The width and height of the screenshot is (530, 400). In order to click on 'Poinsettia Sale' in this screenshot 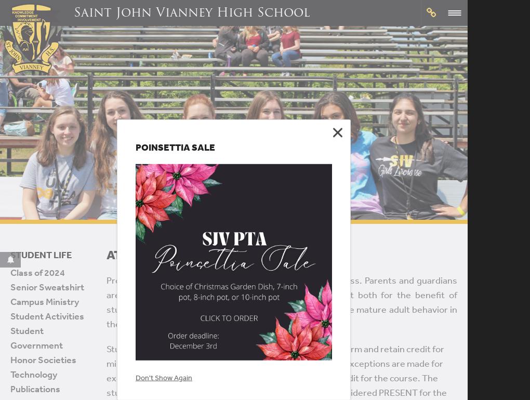, I will do `click(175, 146)`.